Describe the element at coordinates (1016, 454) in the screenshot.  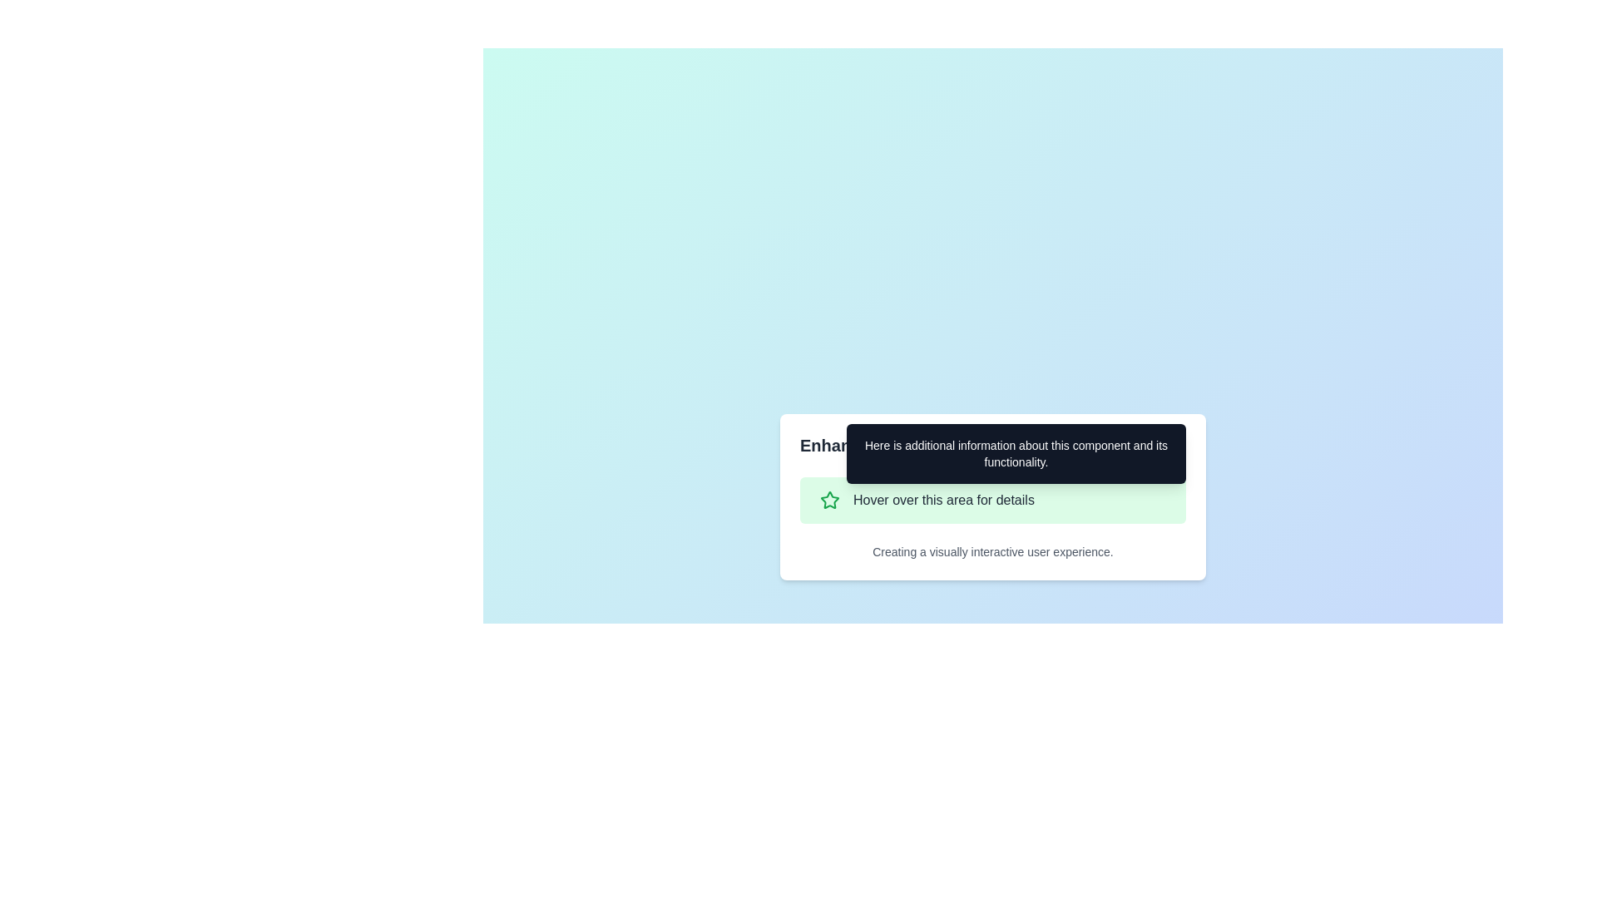
I see `the tooltip with dark gray background and white text that reads 'Here is additional information about this component and its functionality.'` at that location.